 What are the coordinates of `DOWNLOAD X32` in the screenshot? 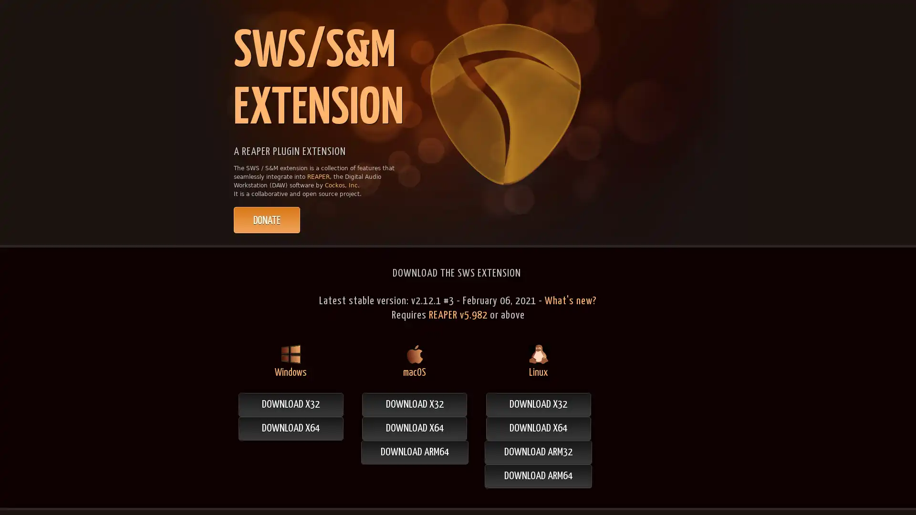 It's located at (611, 404).